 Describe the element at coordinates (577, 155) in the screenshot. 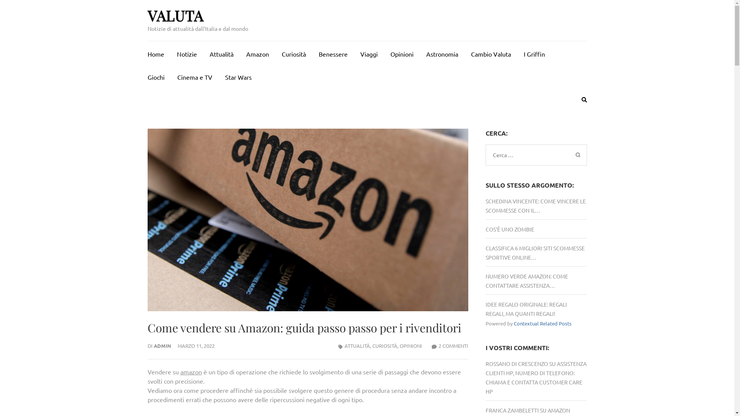

I see `'Cerca'` at that location.